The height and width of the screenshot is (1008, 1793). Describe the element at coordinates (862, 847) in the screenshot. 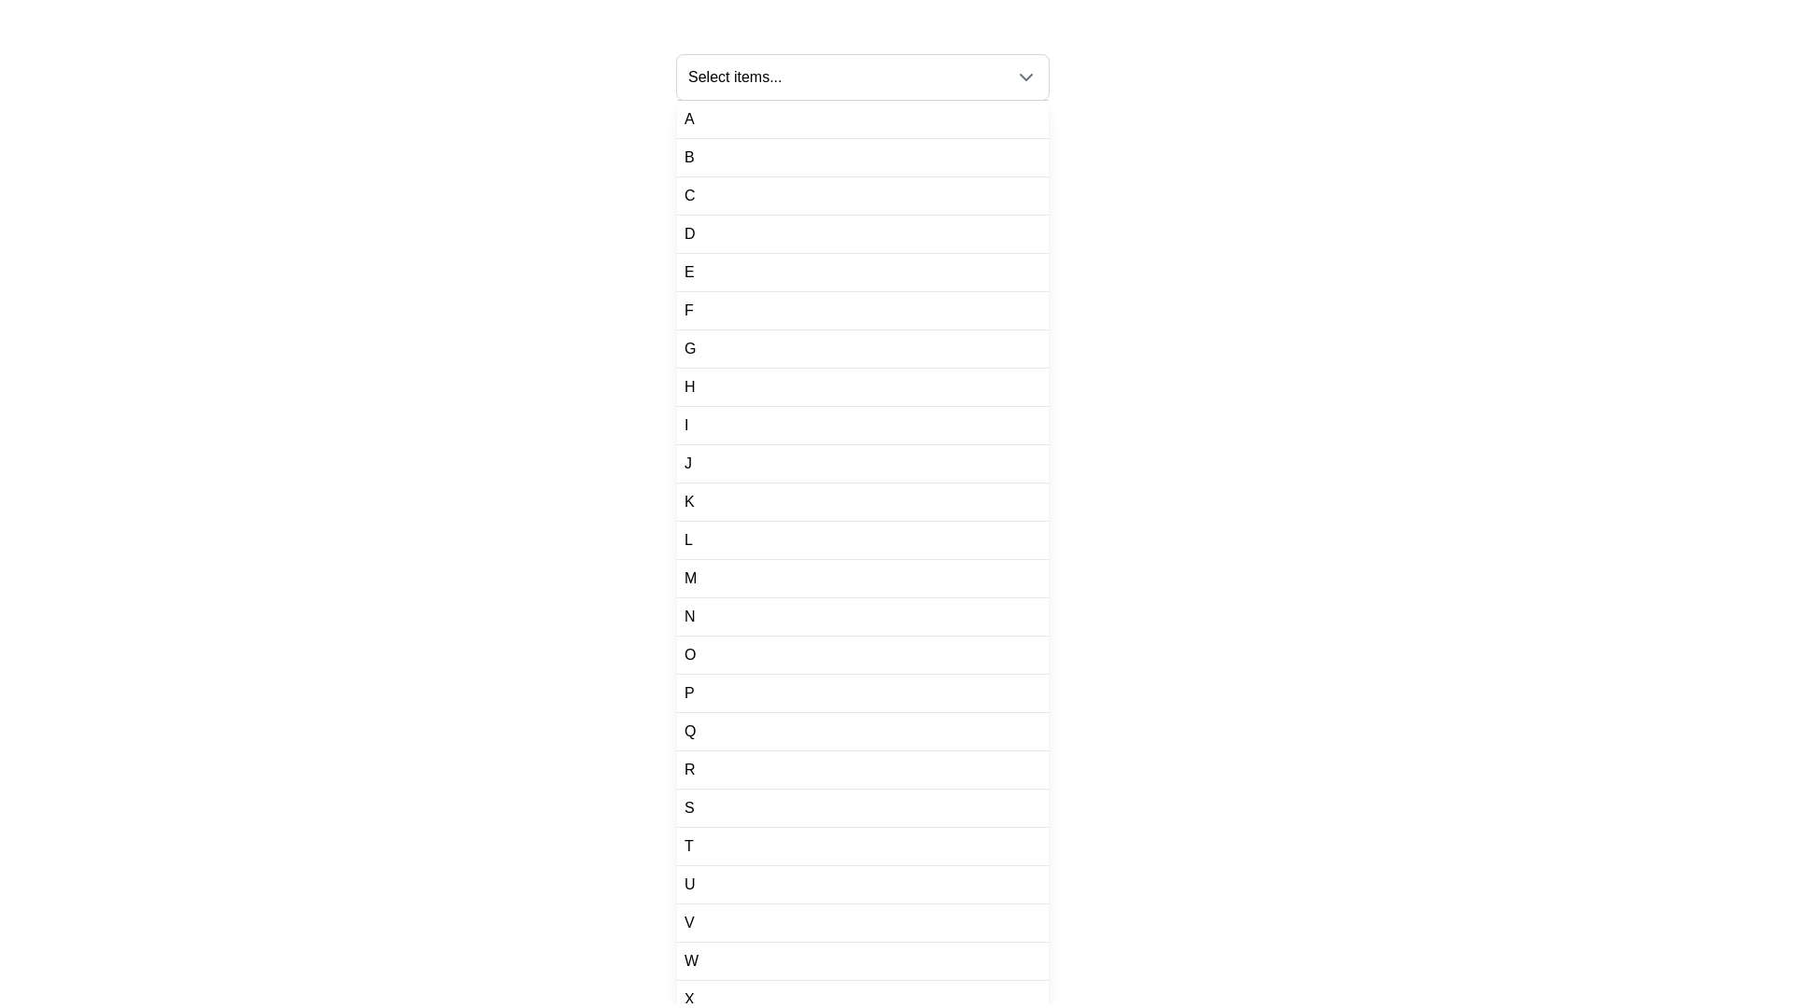

I see `the 20th row in the vertical dropdown list that contains the letter 'T'` at that location.